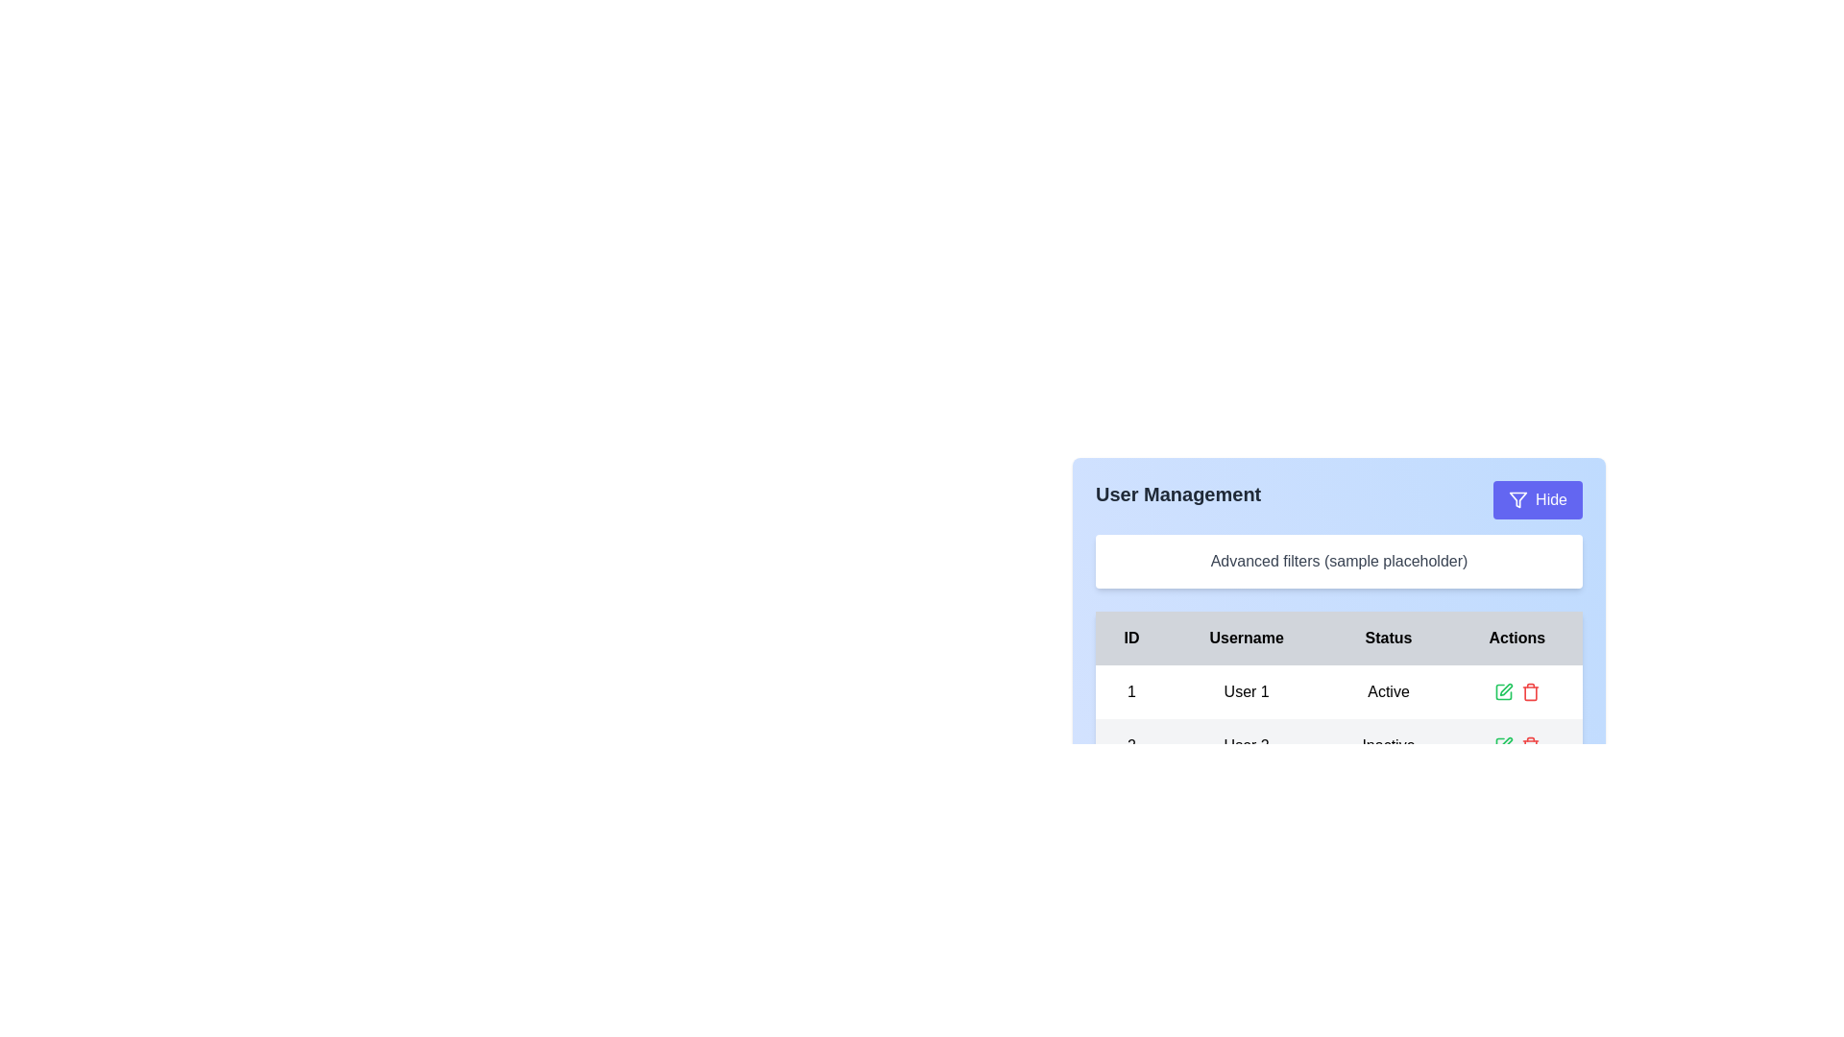 This screenshot has width=1844, height=1037. I want to click on the 'Advanced filters (sample placeholder)' text block to access related filters functionality if available, so click(1338, 562).